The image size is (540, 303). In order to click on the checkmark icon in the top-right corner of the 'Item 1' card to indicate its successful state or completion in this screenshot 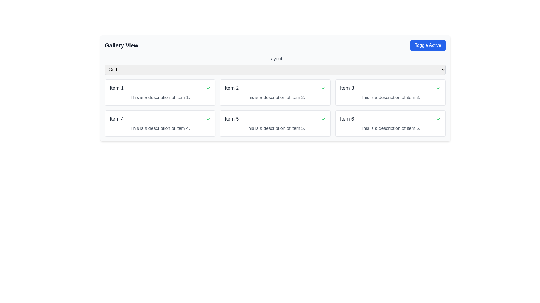, I will do `click(208, 88)`.